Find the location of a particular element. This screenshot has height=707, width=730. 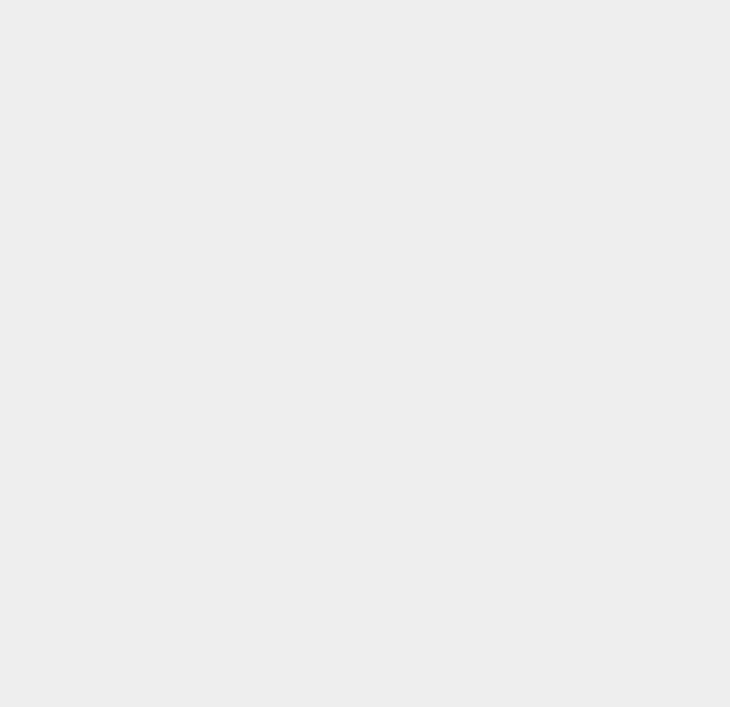

'Megaupload' is located at coordinates (542, 476).